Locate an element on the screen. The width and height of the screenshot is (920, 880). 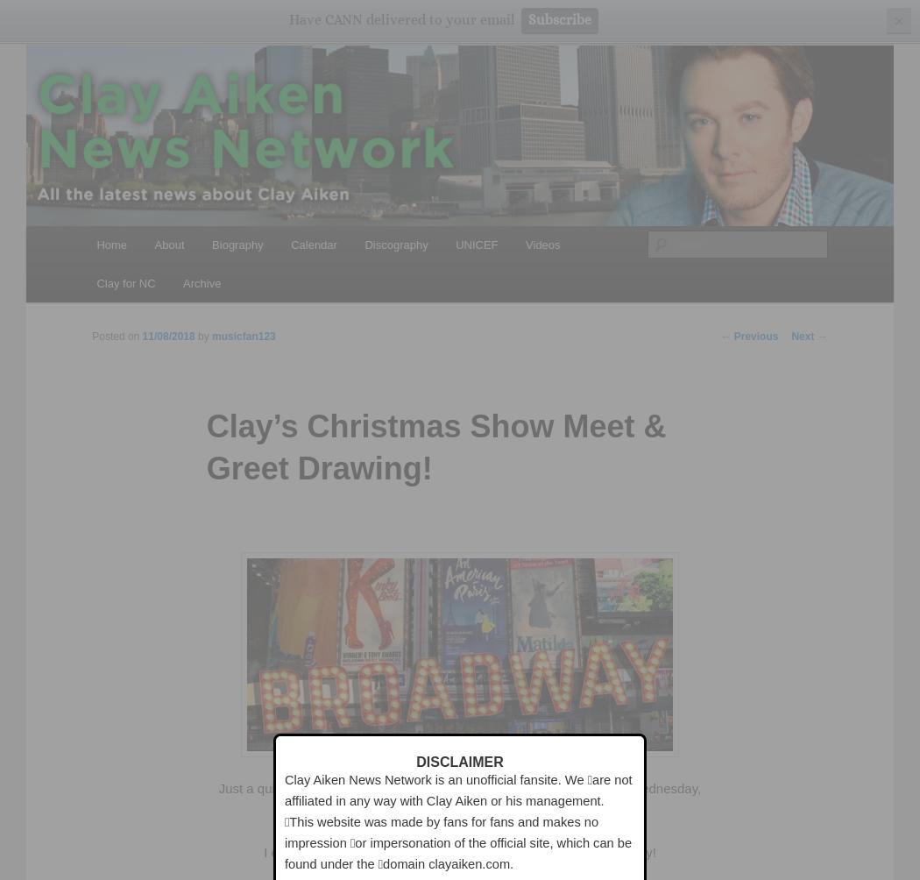
'by' is located at coordinates (205, 336).